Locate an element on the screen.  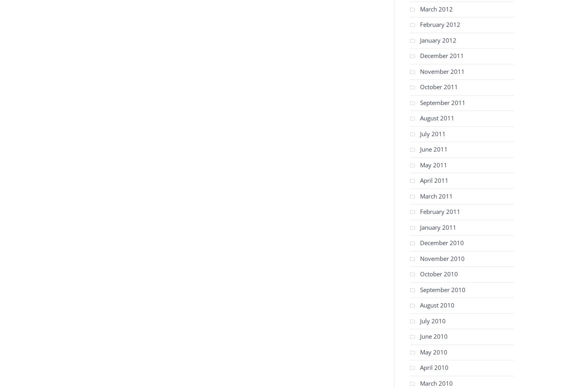
'March 2011' is located at coordinates (436, 196).